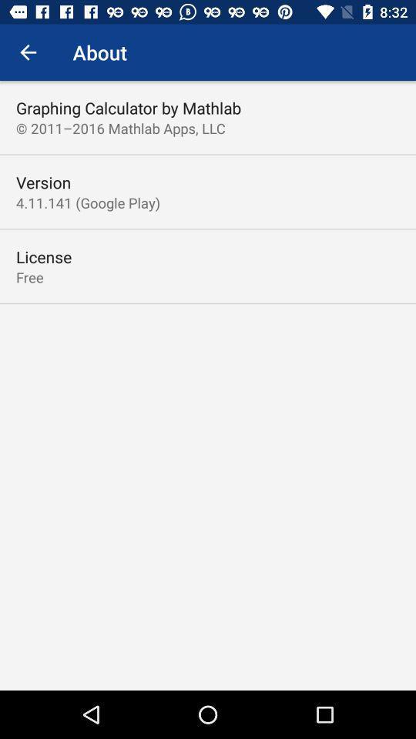 The height and width of the screenshot is (739, 416). Describe the element at coordinates (28, 52) in the screenshot. I see `the icon to the left of the about item` at that location.